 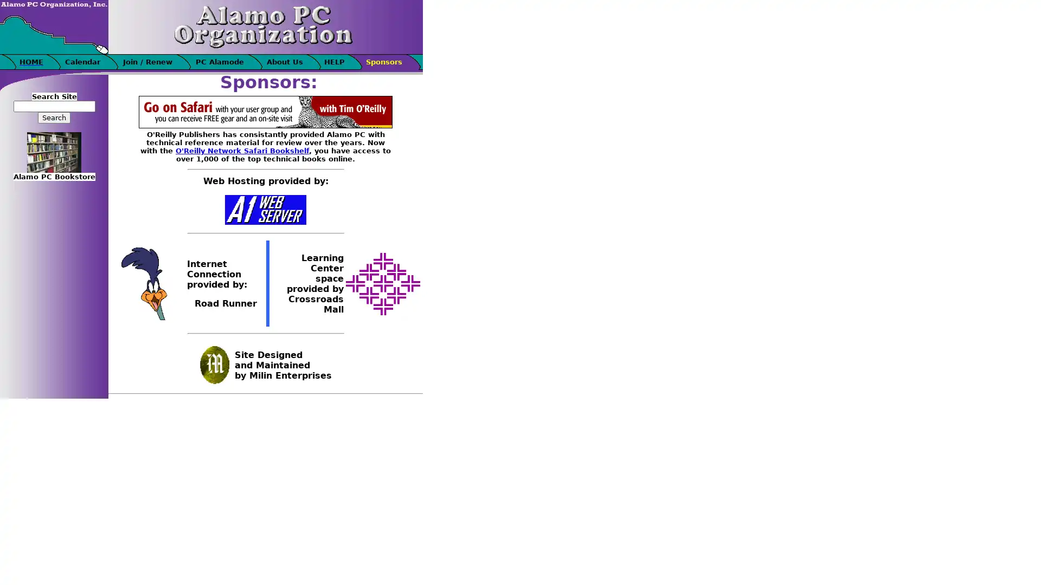 What do you see at coordinates (54, 118) in the screenshot?
I see `Search` at bounding box center [54, 118].